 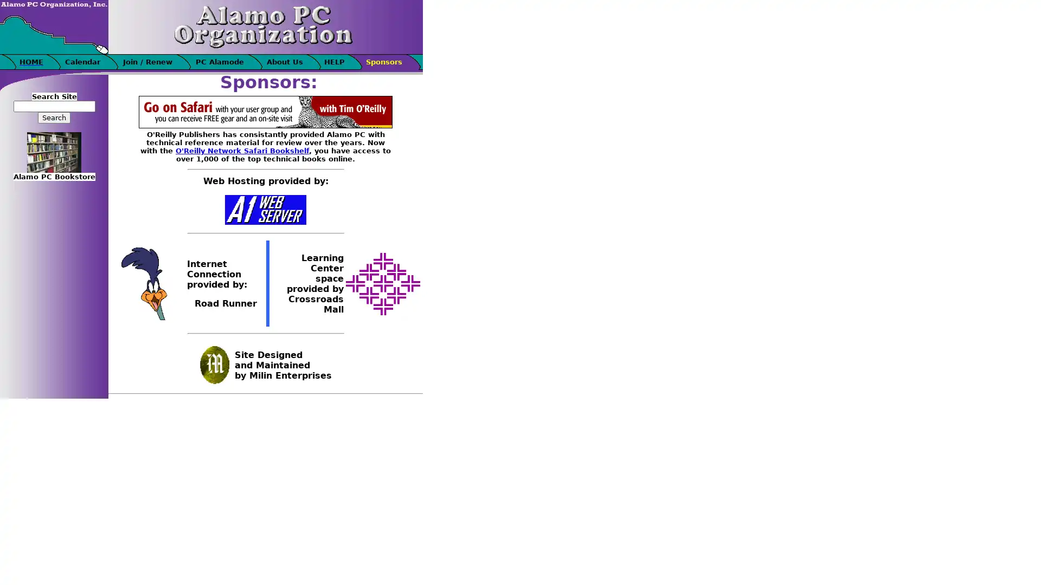 What do you see at coordinates (54, 118) in the screenshot?
I see `Search` at bounding box center [54, 118].